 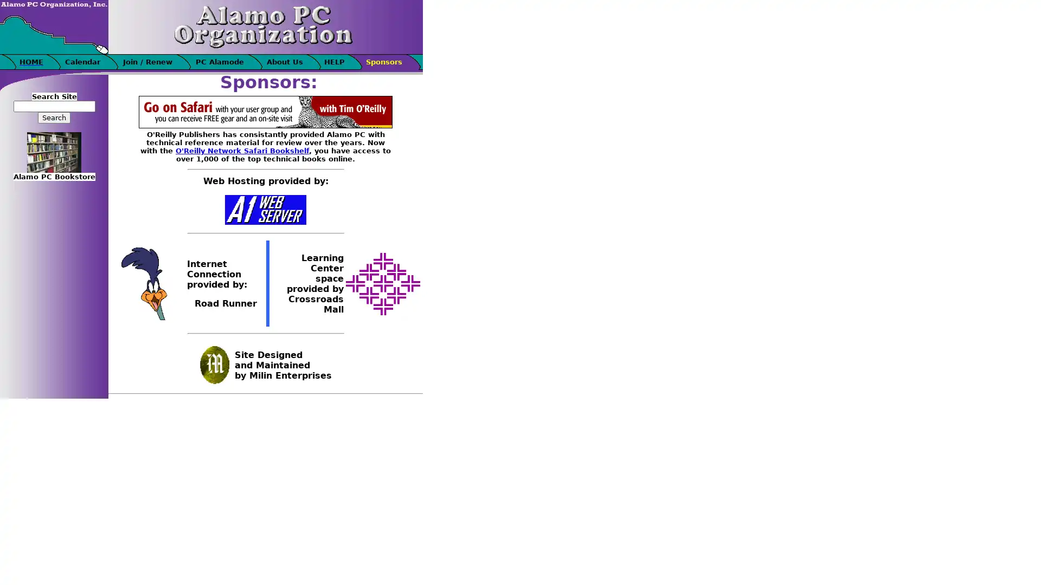 What do you see at coordinates (54, 118) in the screenshot?
I see `Search` at bounding box center [54, 118].